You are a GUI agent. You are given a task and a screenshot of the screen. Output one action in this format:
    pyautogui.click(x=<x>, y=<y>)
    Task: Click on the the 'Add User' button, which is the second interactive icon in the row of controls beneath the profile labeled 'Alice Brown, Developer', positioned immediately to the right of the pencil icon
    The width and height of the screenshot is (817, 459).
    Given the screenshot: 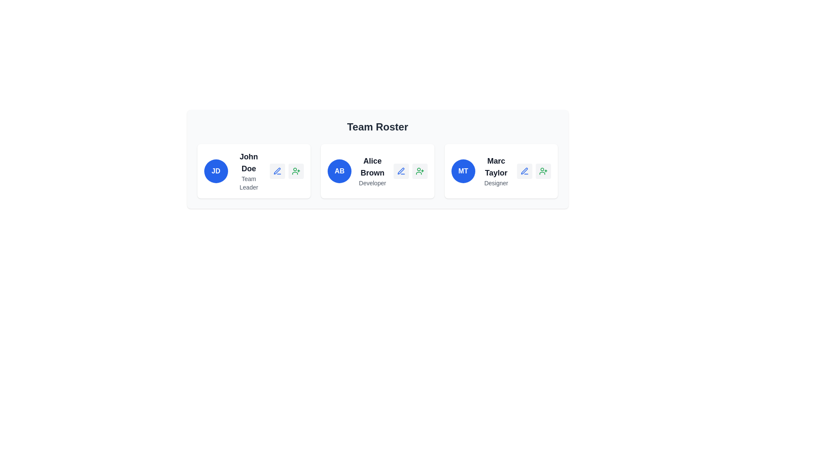 What is the action you would take?
    pyautogui.click(x=420, y=171)
    